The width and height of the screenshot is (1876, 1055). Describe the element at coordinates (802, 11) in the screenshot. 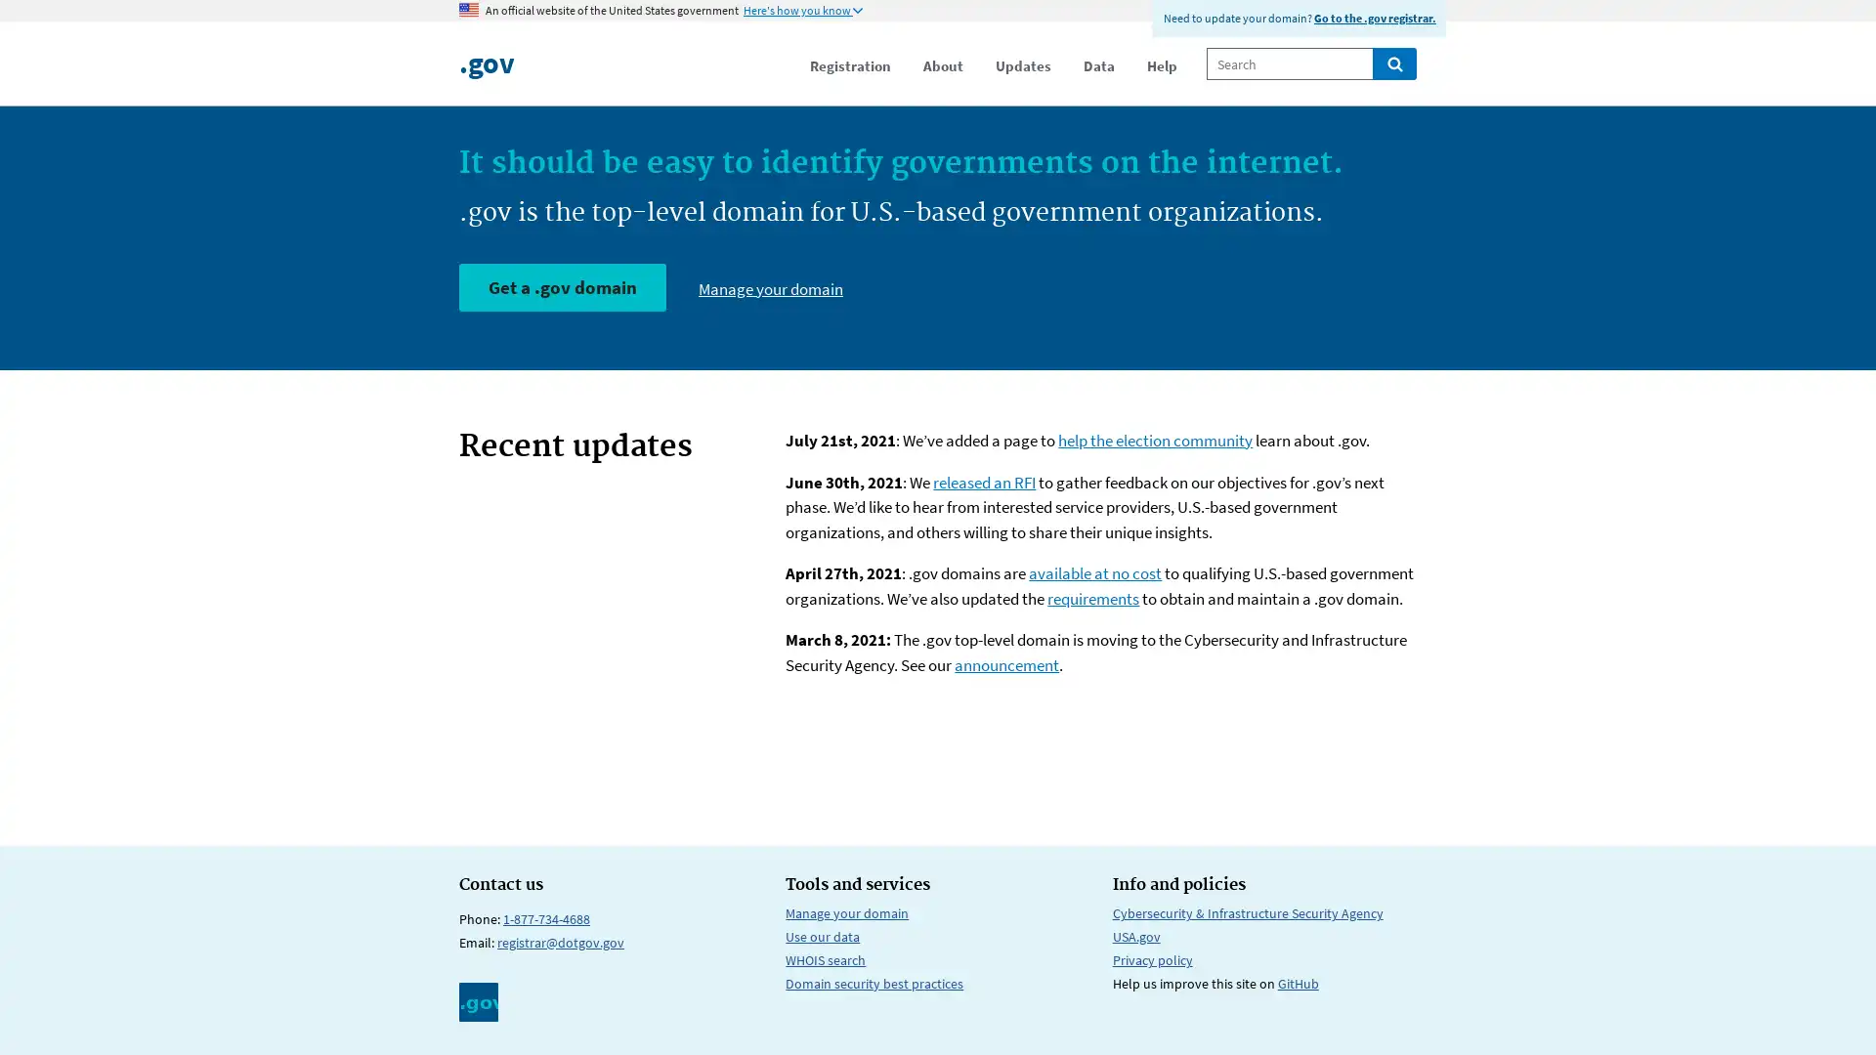

I see `Here's how you know` at that location.